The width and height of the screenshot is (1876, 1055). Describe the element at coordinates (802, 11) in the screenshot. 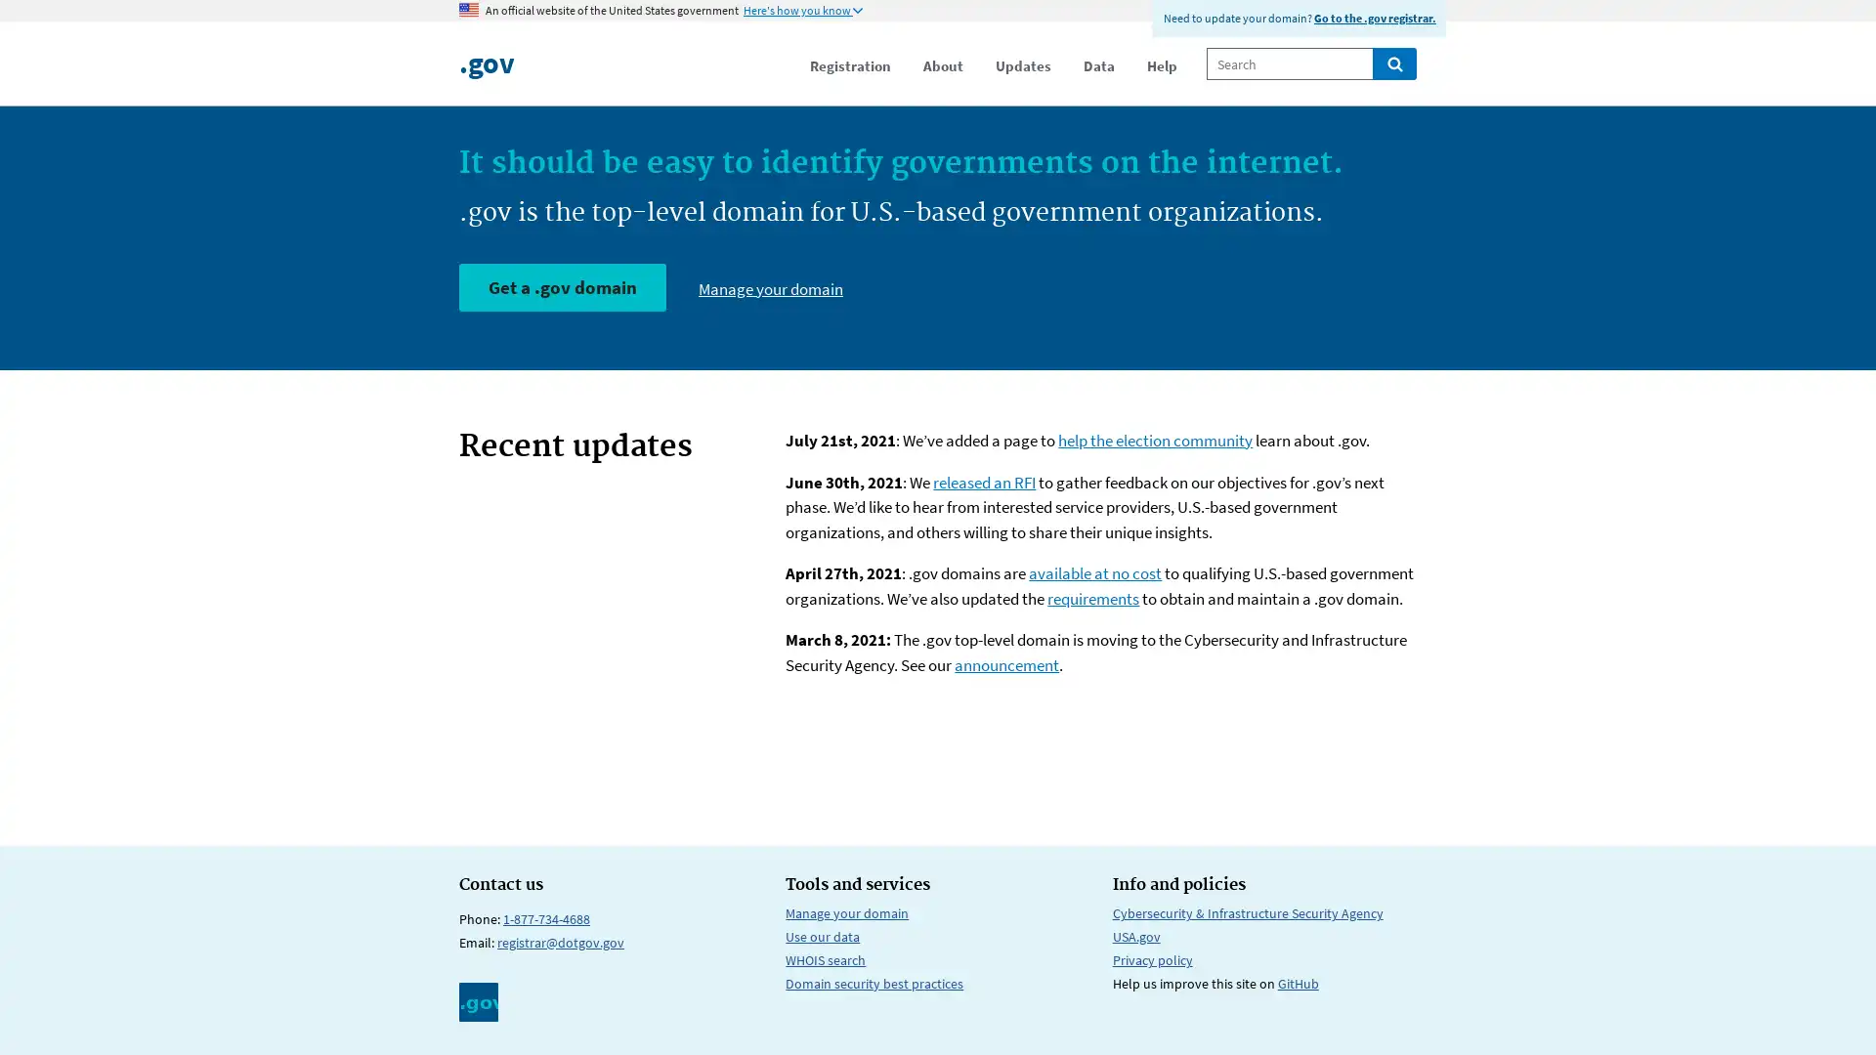

I see `Here's how you know` at that location.